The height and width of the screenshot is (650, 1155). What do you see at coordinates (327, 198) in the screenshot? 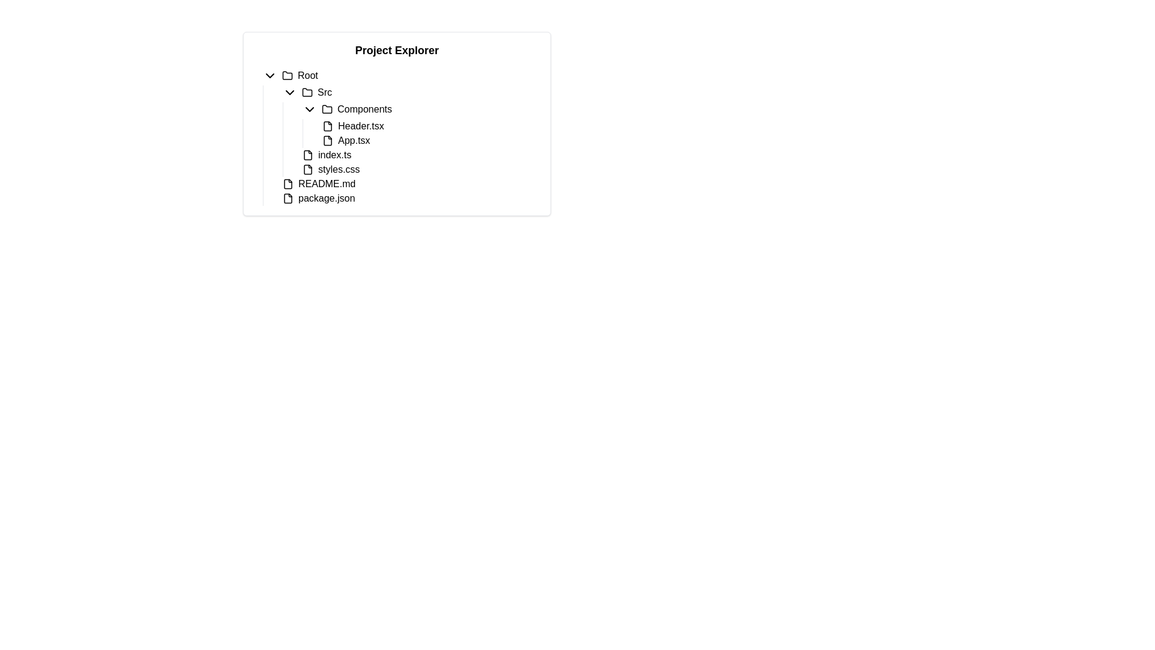
I see `the 'package.json' text label` at bounding box center [327, 198].